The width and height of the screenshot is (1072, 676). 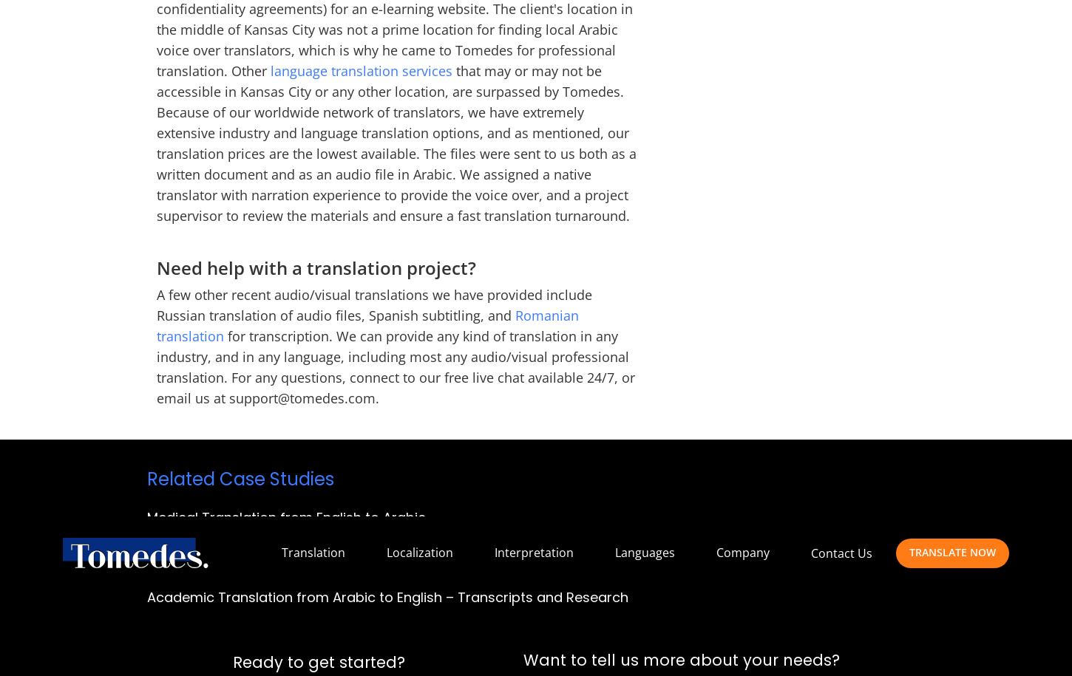 What do you see at coordinates (303, 106) in the screenshot?
I see `'We use cookies to ensure you get the best experience. By using our website you agree to our'` at bounding box center [303, 106].